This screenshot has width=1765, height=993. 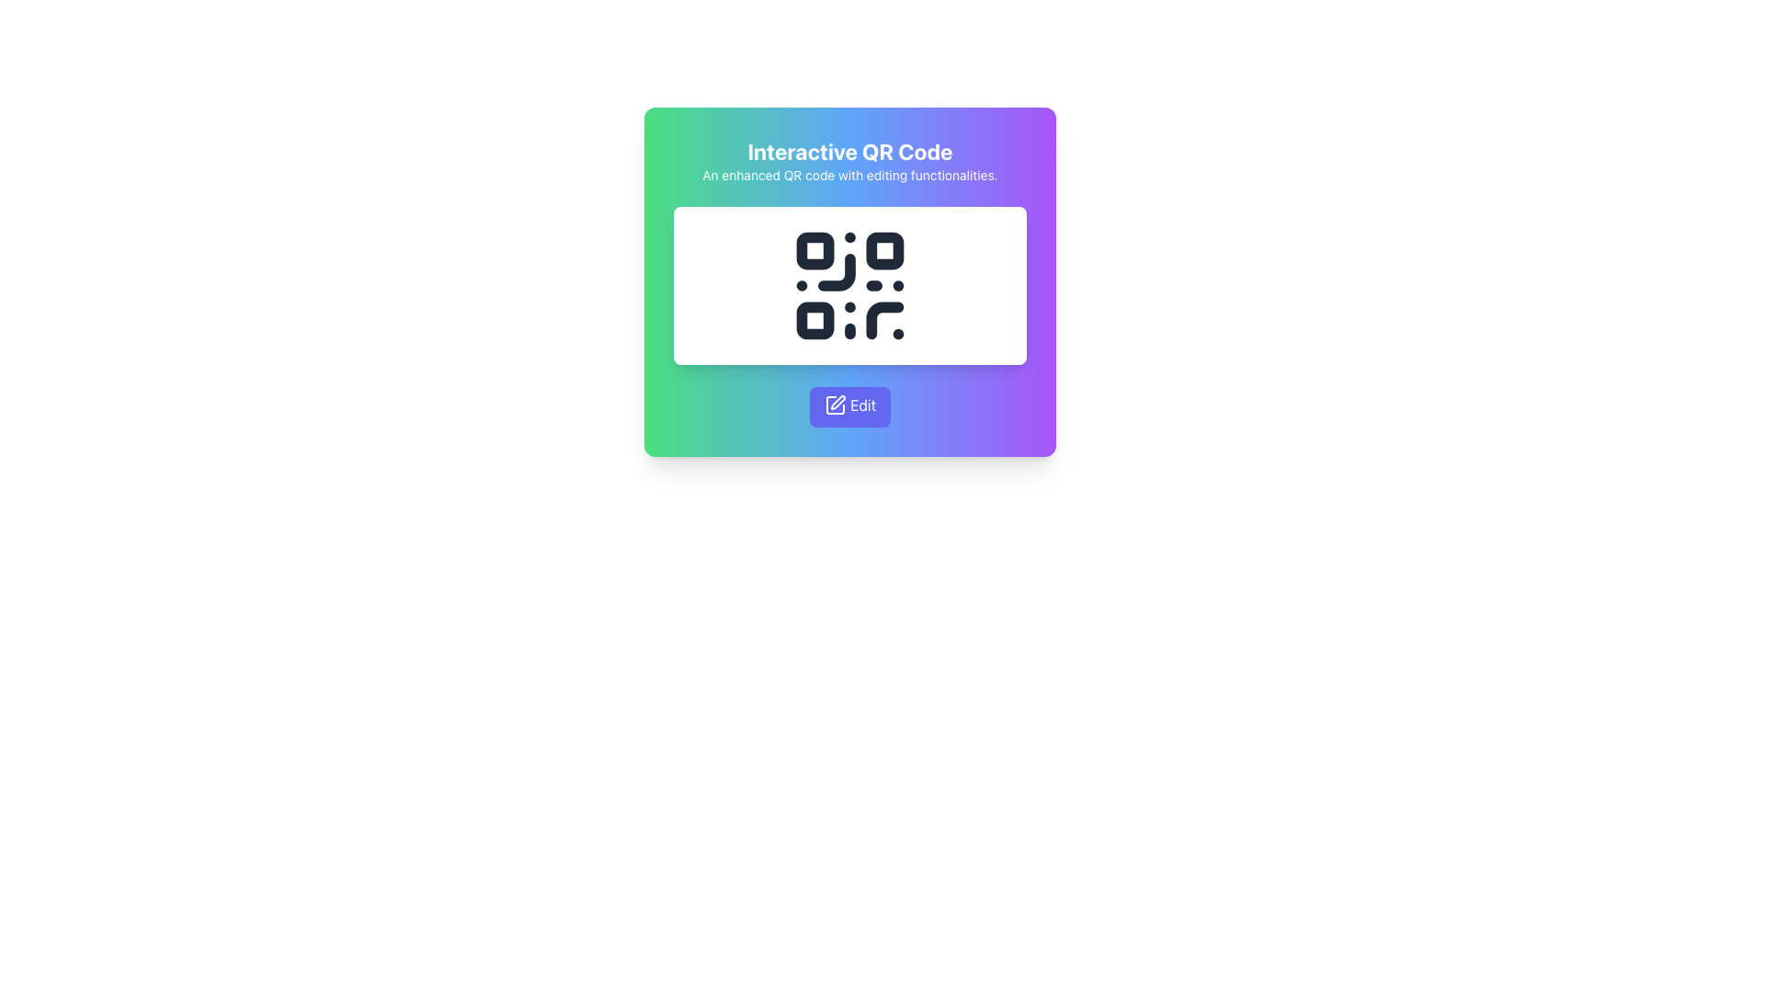 I want to click on the second small square in the top-right corner of the QR code, which is an SVG rectangle with rounded corners, so click(x=884, y=251).